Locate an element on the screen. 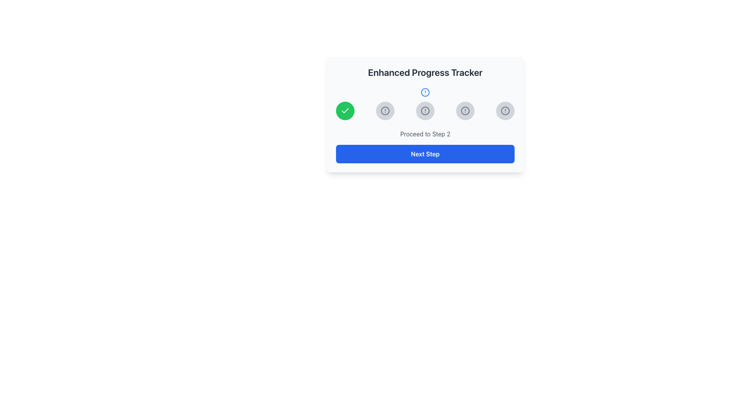 Image resolution: width=739 pixels, height=416 pixels. the circular alert icon button with a light gray background and dark gray exclamation mark, positioned as the last element in a horizontal sequence of five icons is located at coordinates (505, 111).